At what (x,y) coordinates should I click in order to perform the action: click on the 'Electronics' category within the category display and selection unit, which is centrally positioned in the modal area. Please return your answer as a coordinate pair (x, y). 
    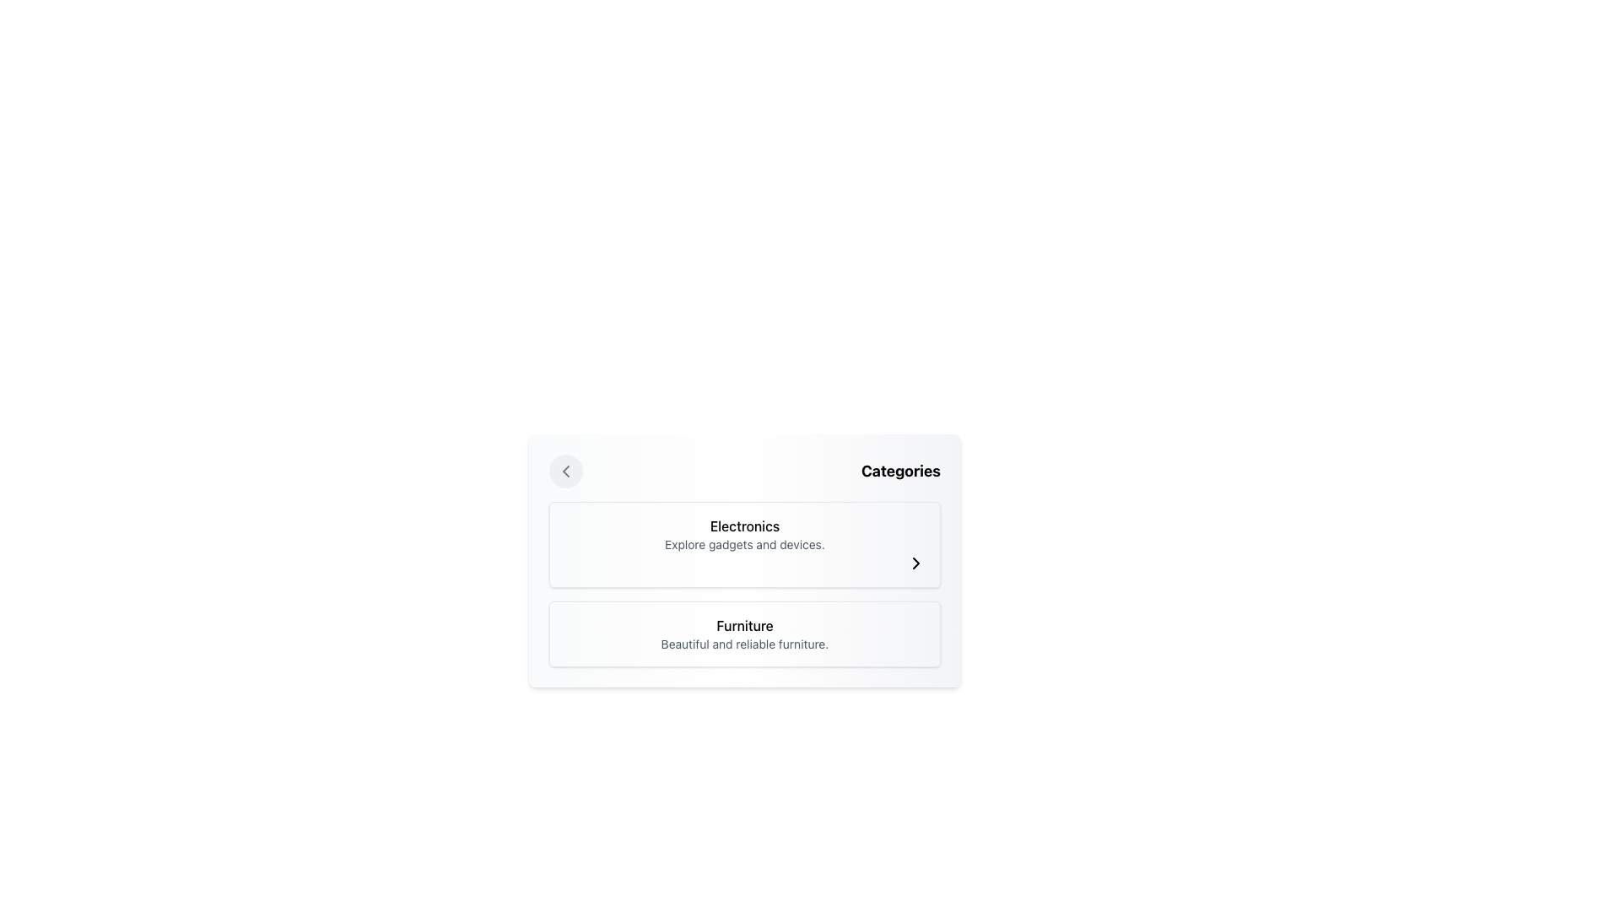
    Looking at the image, I should click on (744, 560).